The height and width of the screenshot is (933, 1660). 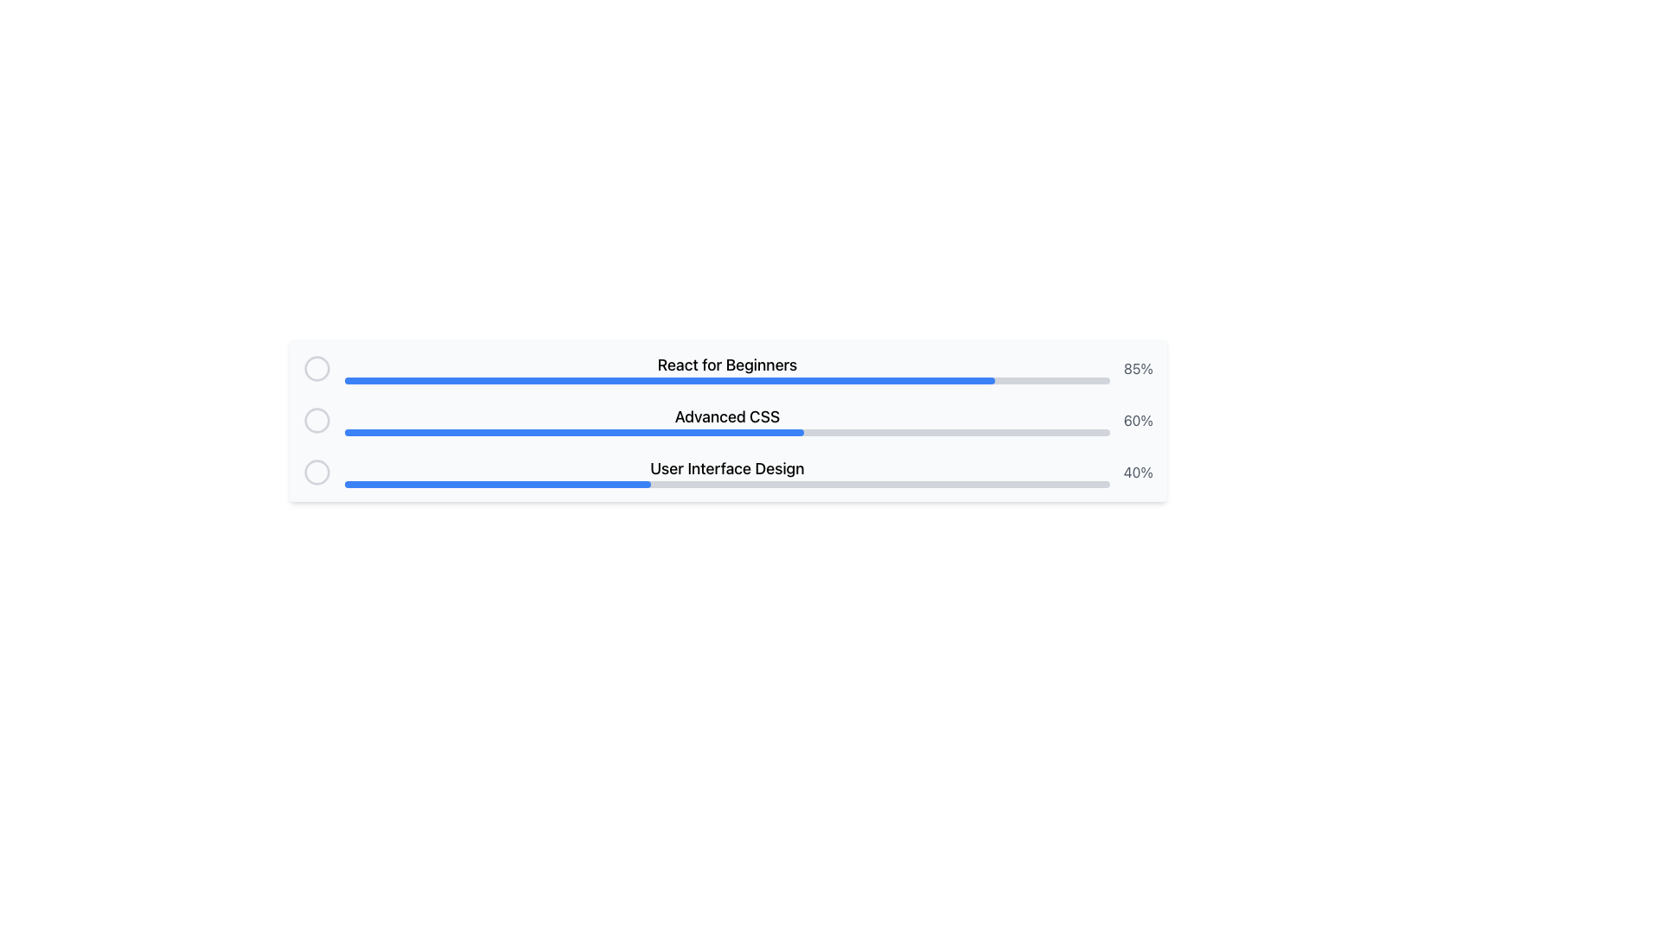 I want to click on dimensions of the progress bar representing the completion of the 'Advanced CSS' course, which shows that 60% of the course has been completed, so click(x=727, y=432).